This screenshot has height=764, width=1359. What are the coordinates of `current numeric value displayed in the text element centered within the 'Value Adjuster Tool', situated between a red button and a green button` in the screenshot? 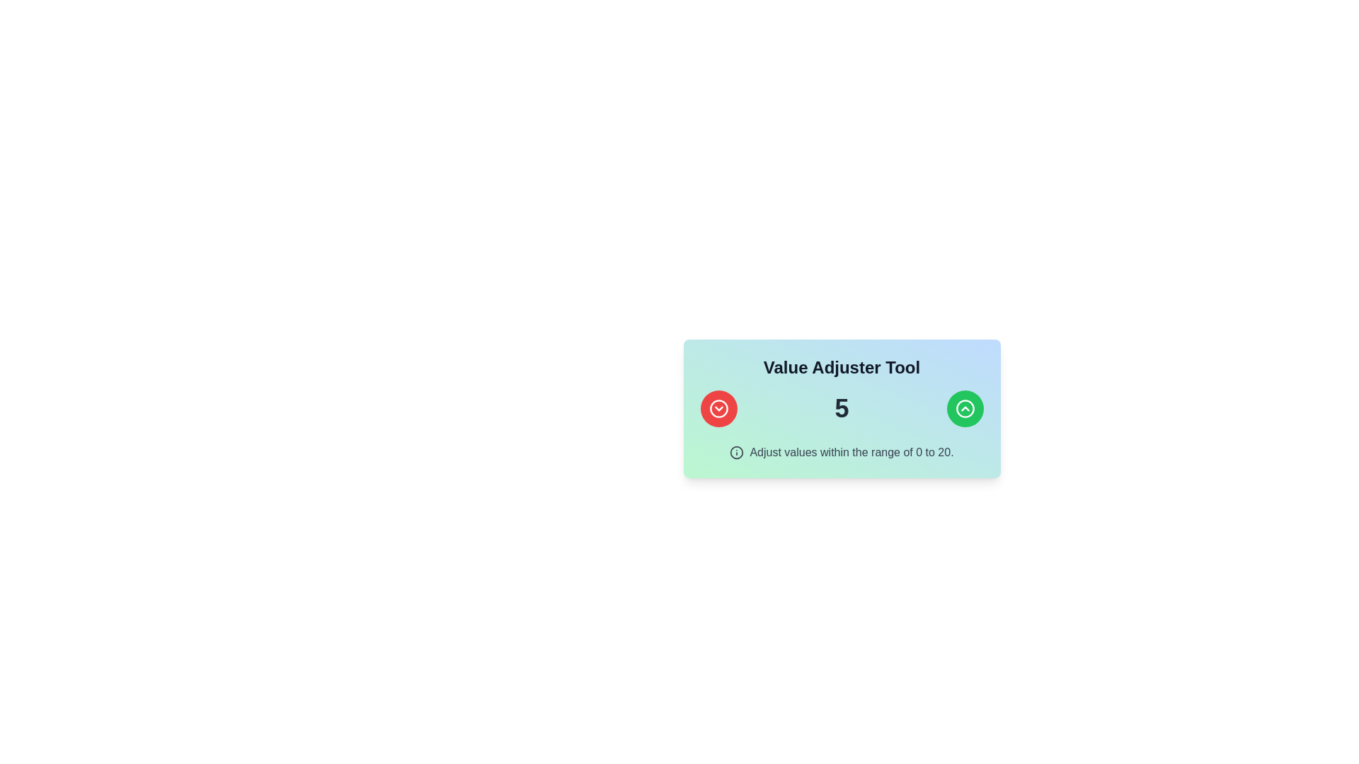 It's located at (842, 409).